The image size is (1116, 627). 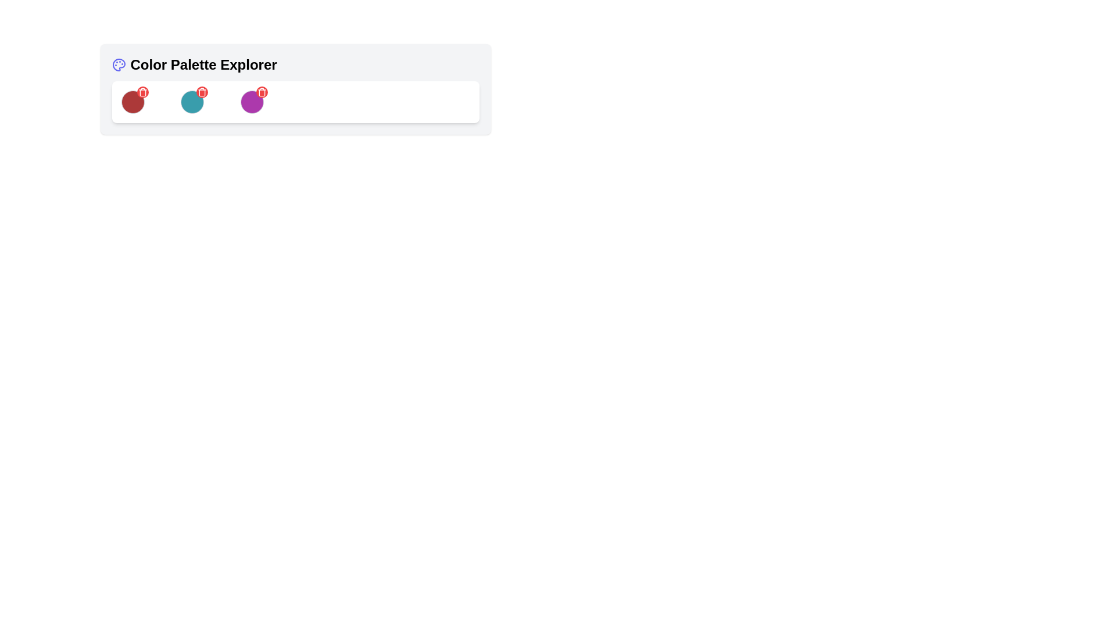 What do you see at coordinates (202, 91) in the screenshot?
I see `the red circular badge button featuring a white trash can icon using keyboard navigation` at bounding box center [202, 91].